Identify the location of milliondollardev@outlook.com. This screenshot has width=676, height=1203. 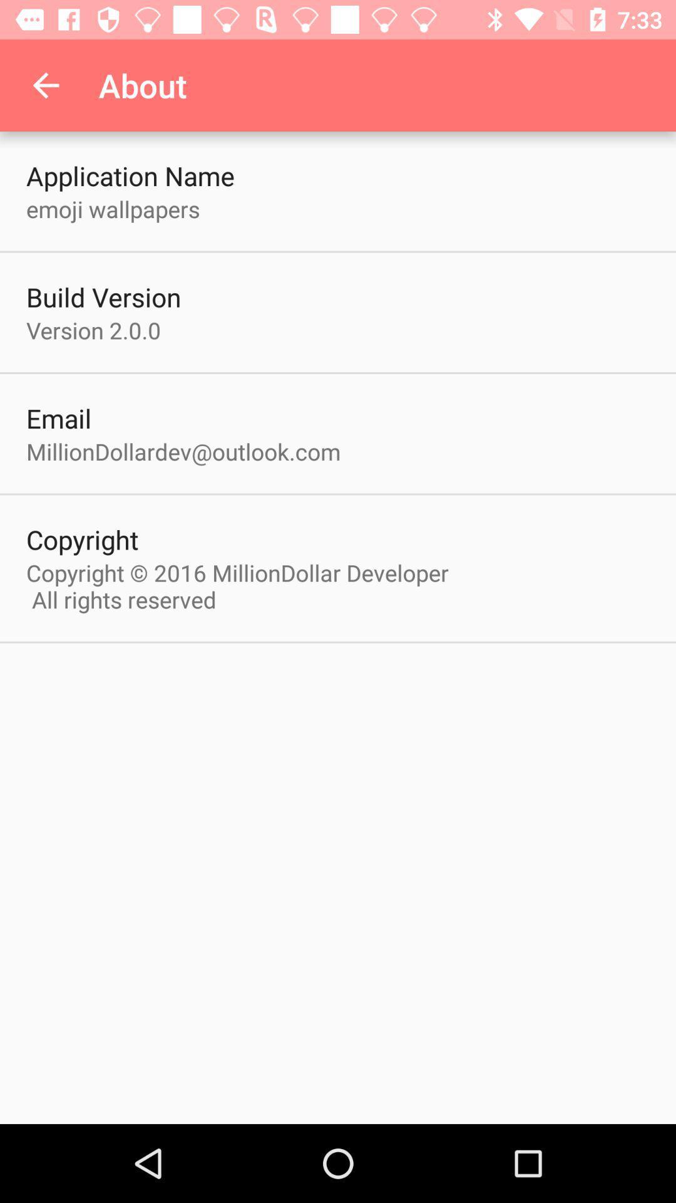
(183, 451).